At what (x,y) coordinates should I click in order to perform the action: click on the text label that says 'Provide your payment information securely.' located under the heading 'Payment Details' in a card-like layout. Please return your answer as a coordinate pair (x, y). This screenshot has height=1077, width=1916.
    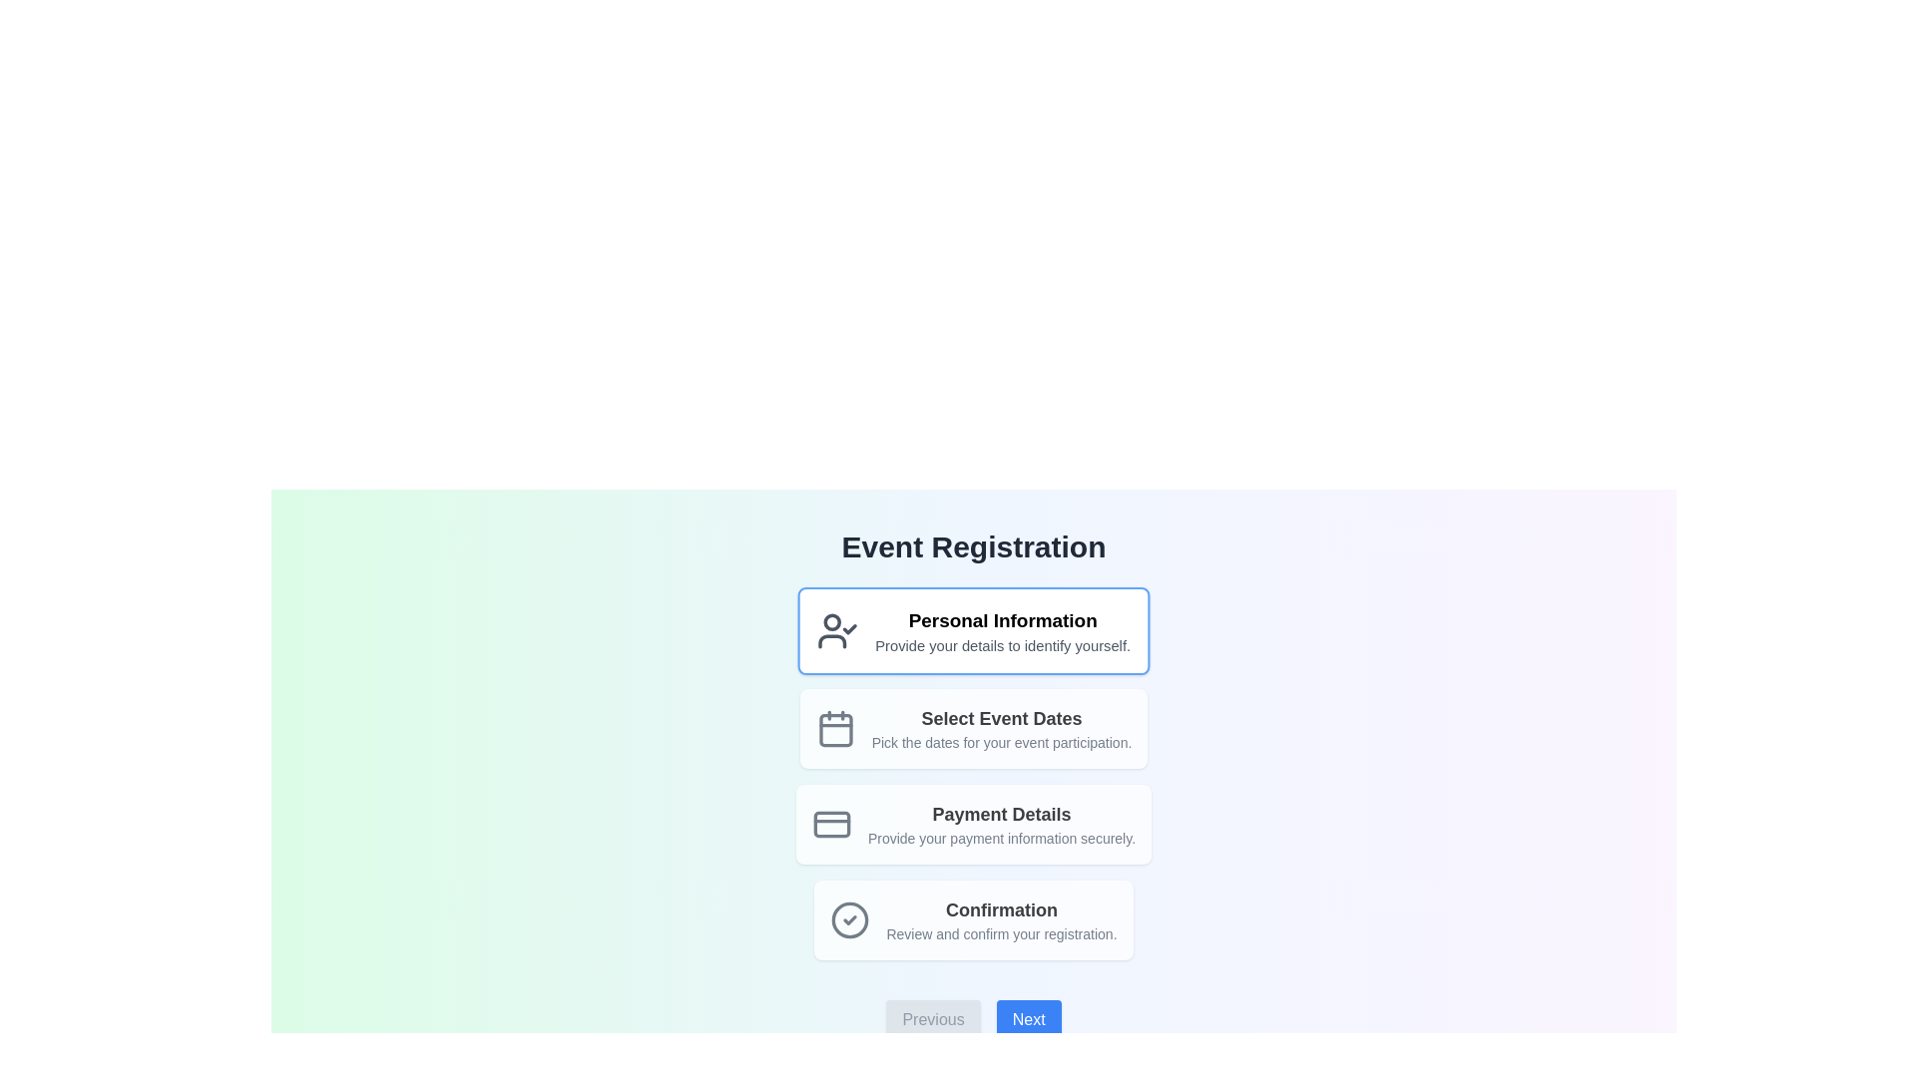
    Looking at the image, I should click on (1001, 838).